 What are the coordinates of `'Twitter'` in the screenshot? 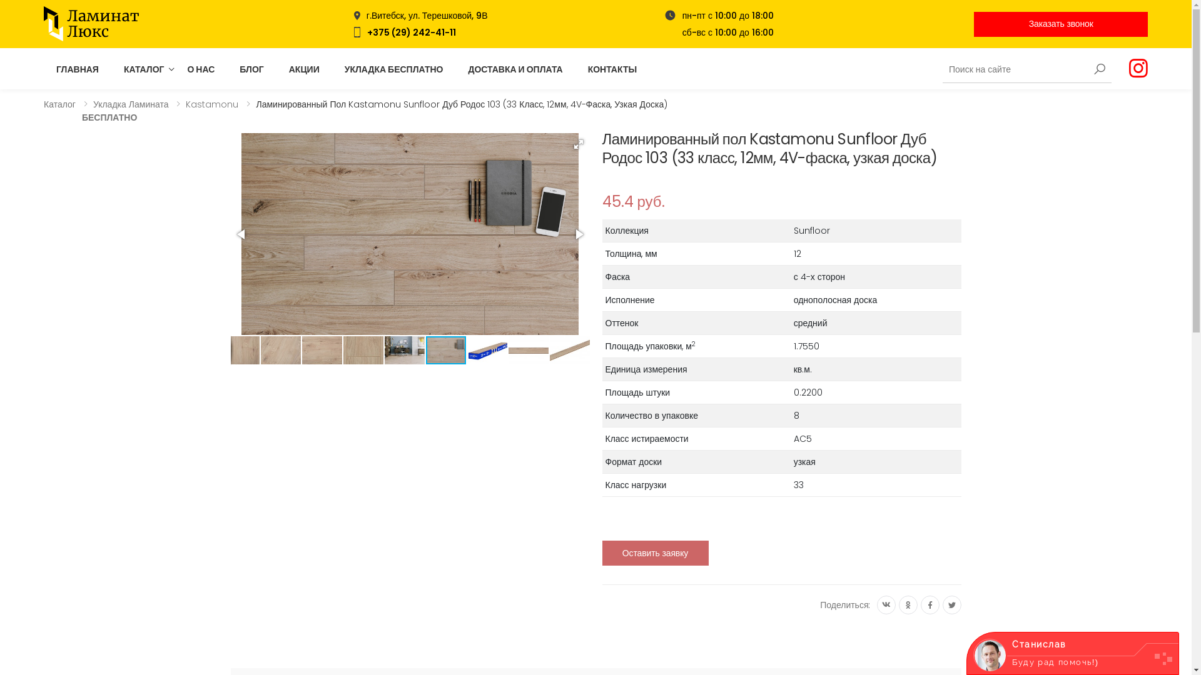 It's located at (951, 604).